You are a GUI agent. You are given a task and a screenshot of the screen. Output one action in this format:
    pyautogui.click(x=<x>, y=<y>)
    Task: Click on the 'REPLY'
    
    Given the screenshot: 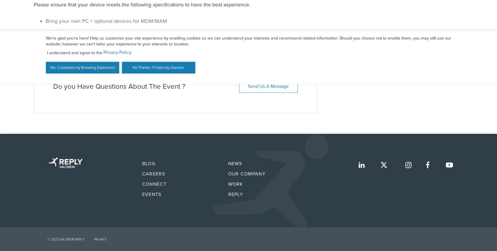 What is the action you would take?
    pyautogui.click(x=235, y=194)
    